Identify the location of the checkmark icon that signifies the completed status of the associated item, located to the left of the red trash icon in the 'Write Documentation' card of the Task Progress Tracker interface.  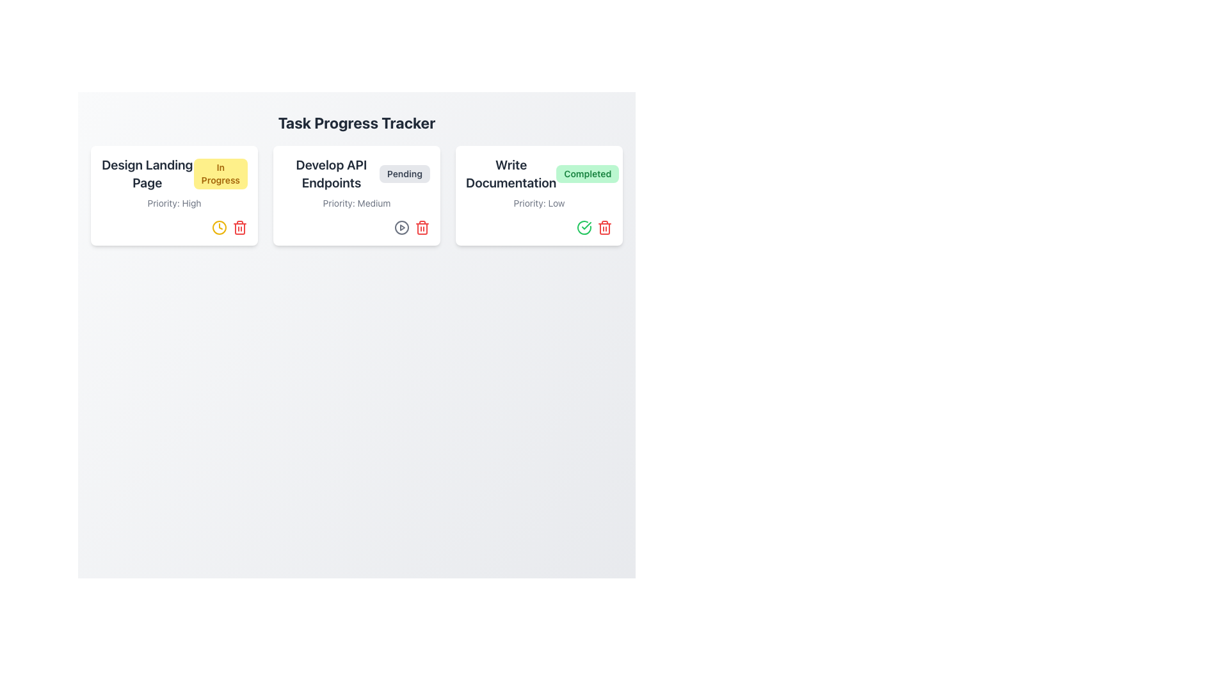
(583, 226).